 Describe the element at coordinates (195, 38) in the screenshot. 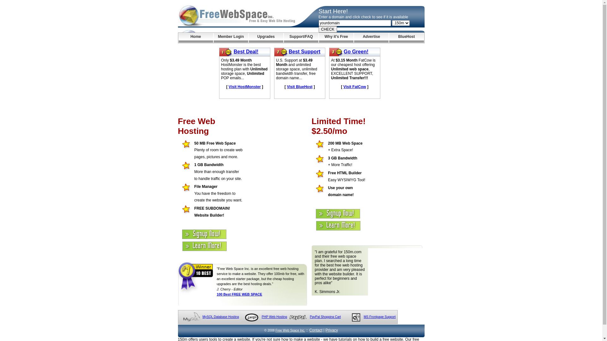

I see `'Home'` at that location.